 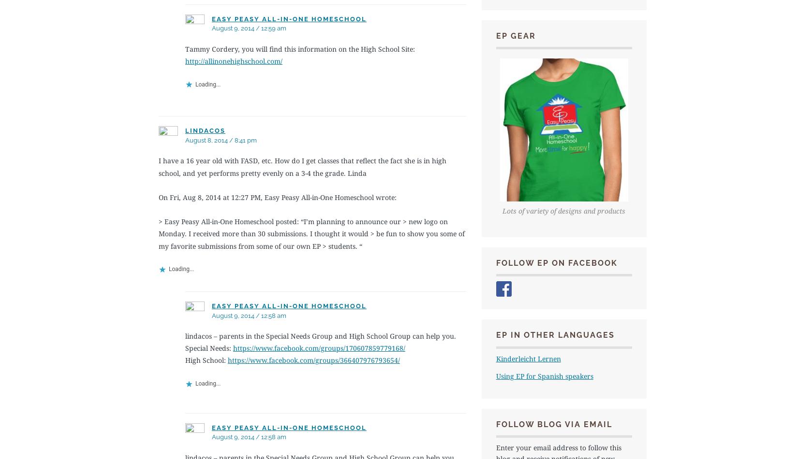 What do you see at coordinates (208, 347) in the screenshot?
I see `'Special Needs:'` at bounding box center [208, 347].